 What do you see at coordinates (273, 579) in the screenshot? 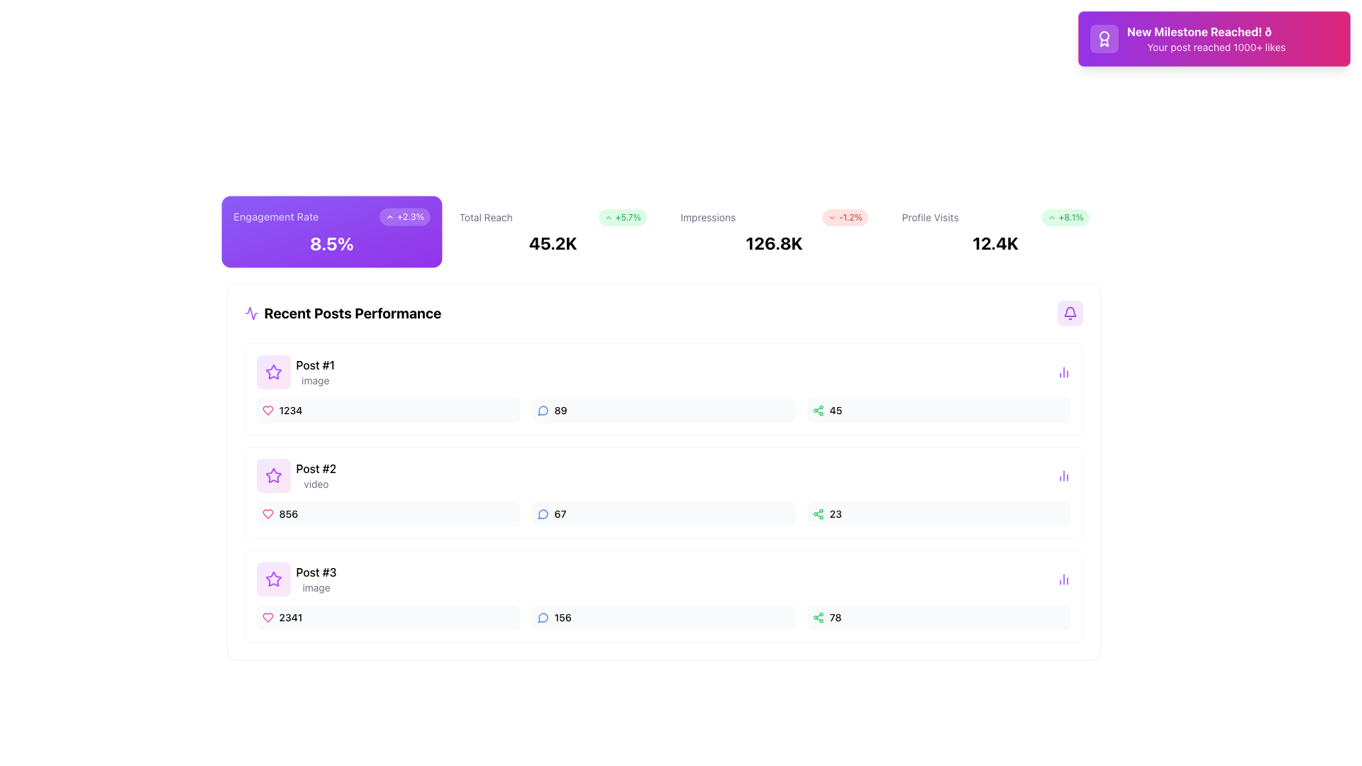
I see `the star-shaped icon with a purple outline located in the 'Recent Posts Performance' section, next to the label 'Post #1'` at bounding box center [273, 579].